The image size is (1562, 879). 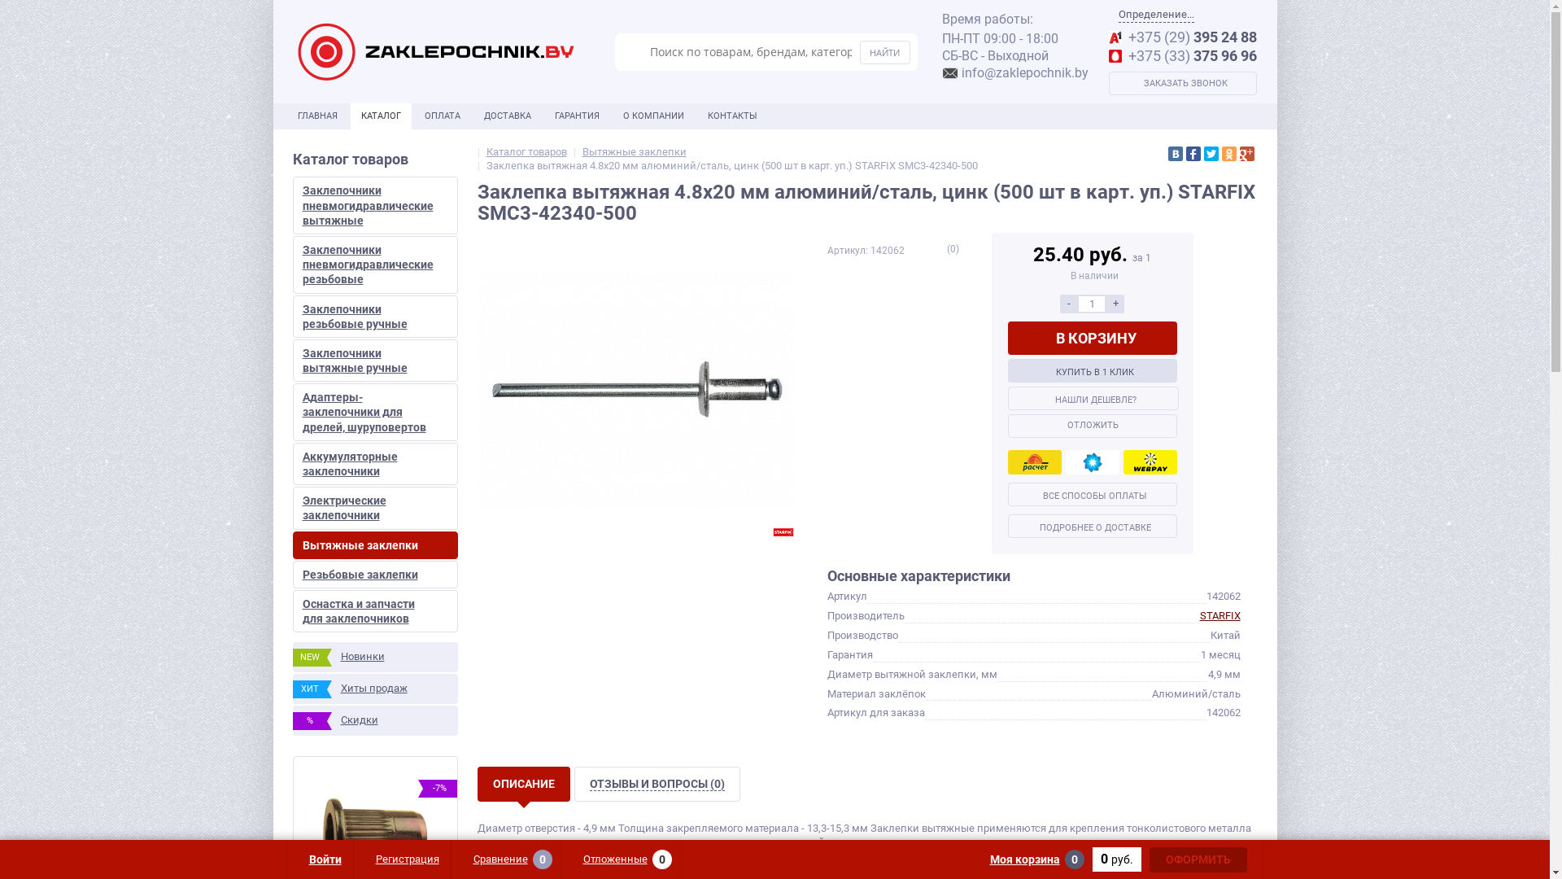 I want to click on '+', so click(x=1115, y=304).